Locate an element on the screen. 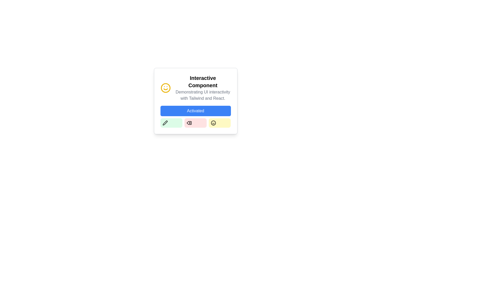  the edit icon located within the green button on the leftmost side of the row of buttons below the blue 'Activated' button is located at coordinates (165, 123).